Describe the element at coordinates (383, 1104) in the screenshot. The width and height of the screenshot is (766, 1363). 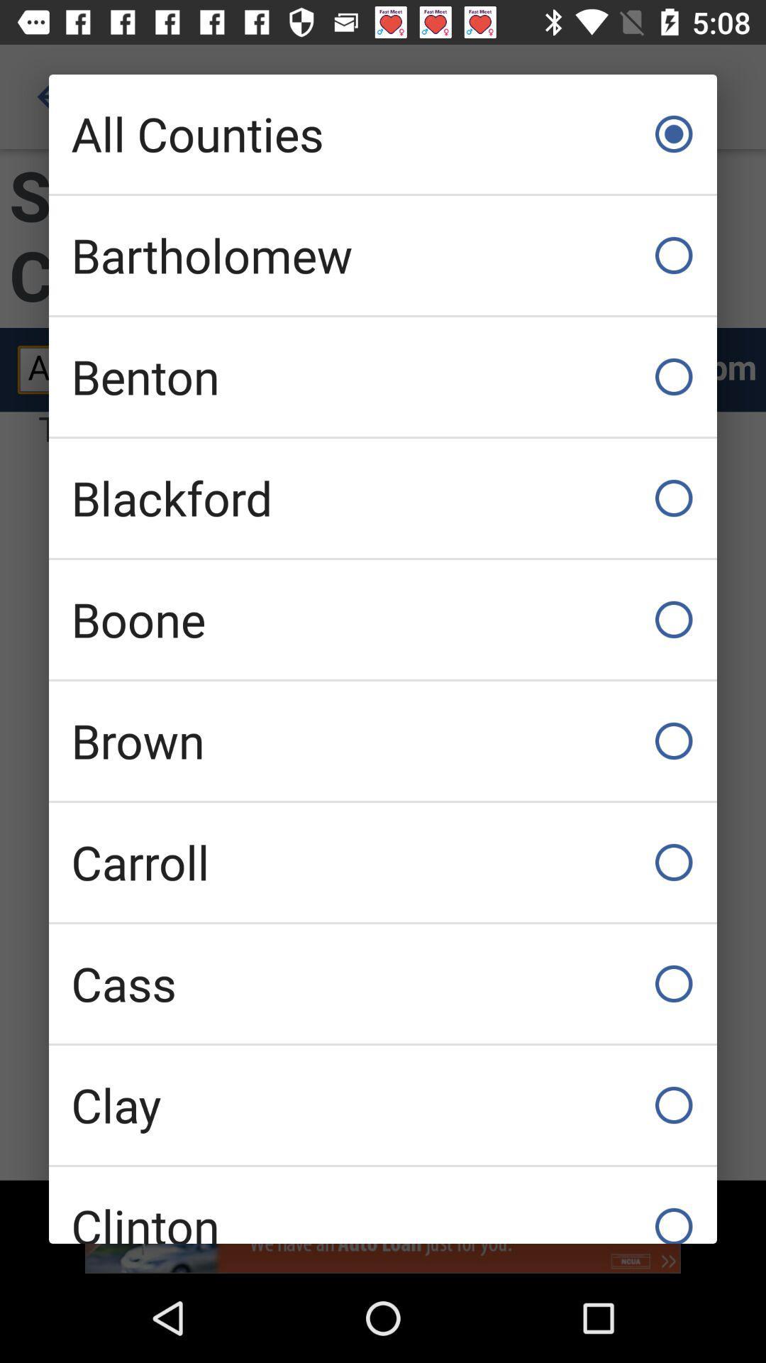
I see `icon above clinton` at that location.